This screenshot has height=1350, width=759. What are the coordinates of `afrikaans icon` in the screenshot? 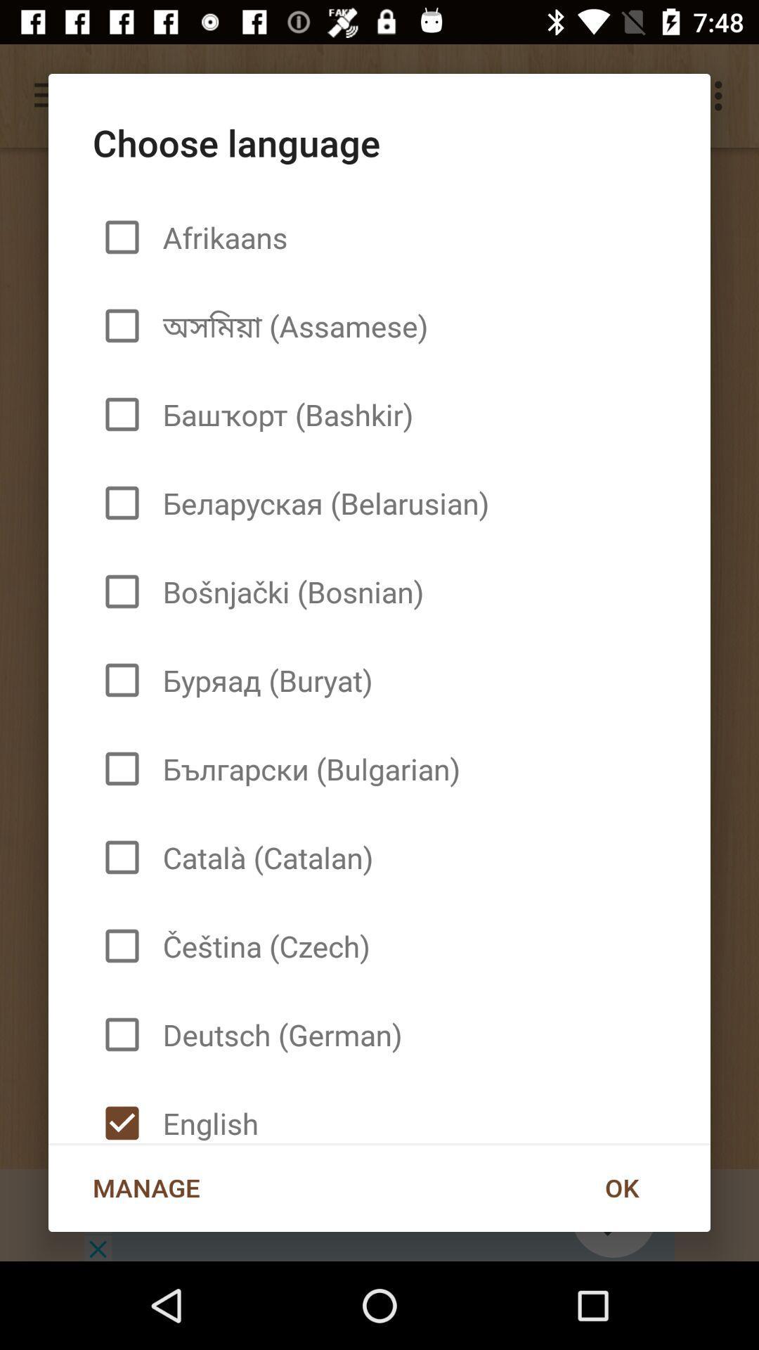 It's located at (219, 237).